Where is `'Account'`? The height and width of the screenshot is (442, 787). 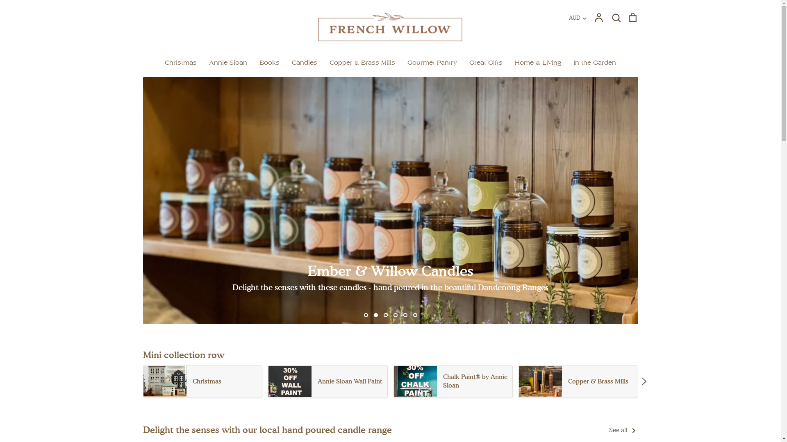 'Account' is located at coordinates (594, 17).